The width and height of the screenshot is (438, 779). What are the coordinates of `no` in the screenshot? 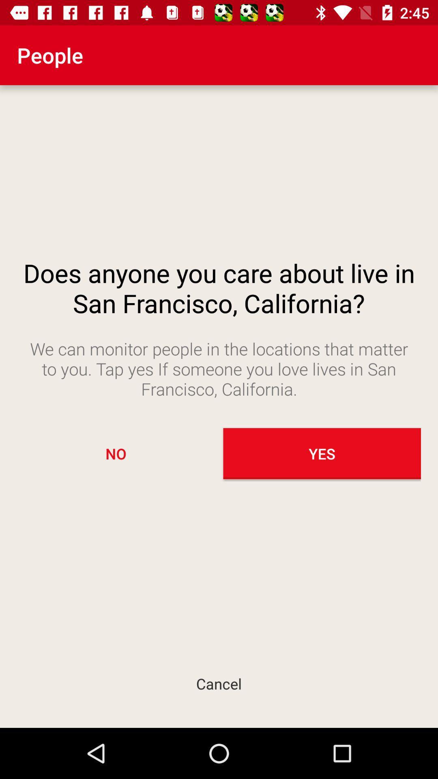 It's located at (116, 453).